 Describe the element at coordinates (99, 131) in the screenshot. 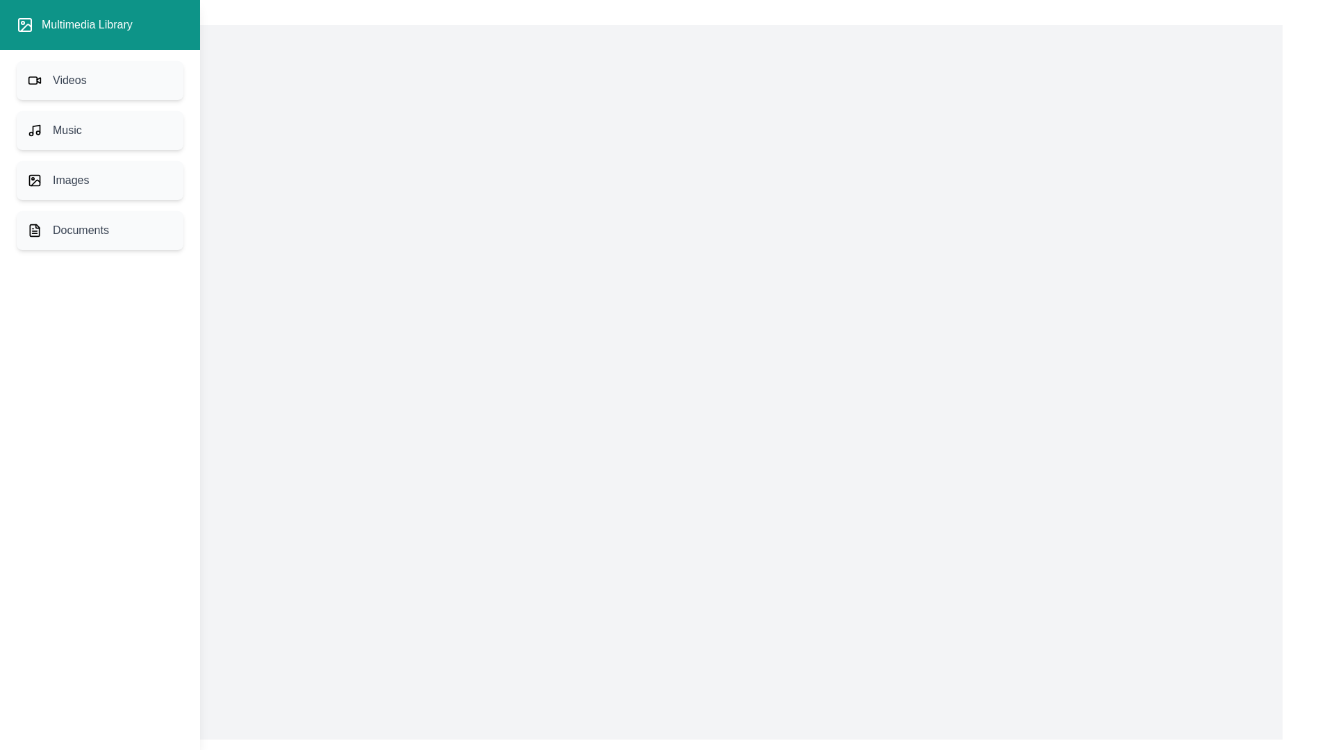

I see `the category Music from the list` at that location.